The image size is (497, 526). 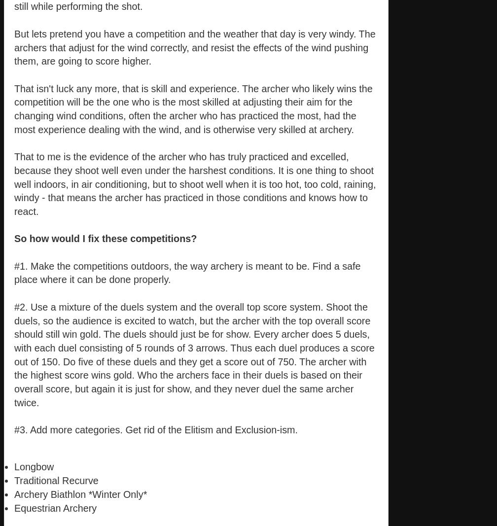 I want to click on 'That isn't luck any more, that is skill and experience. The archer who likely wins the competition will be the one who is the most skilled at adjusting their aim for the changing wind conditions, often the archer who has practiced the most, had the most experience dealing with the wind, and is otherwise very skilled at archery.', so click(x=193, y=108).